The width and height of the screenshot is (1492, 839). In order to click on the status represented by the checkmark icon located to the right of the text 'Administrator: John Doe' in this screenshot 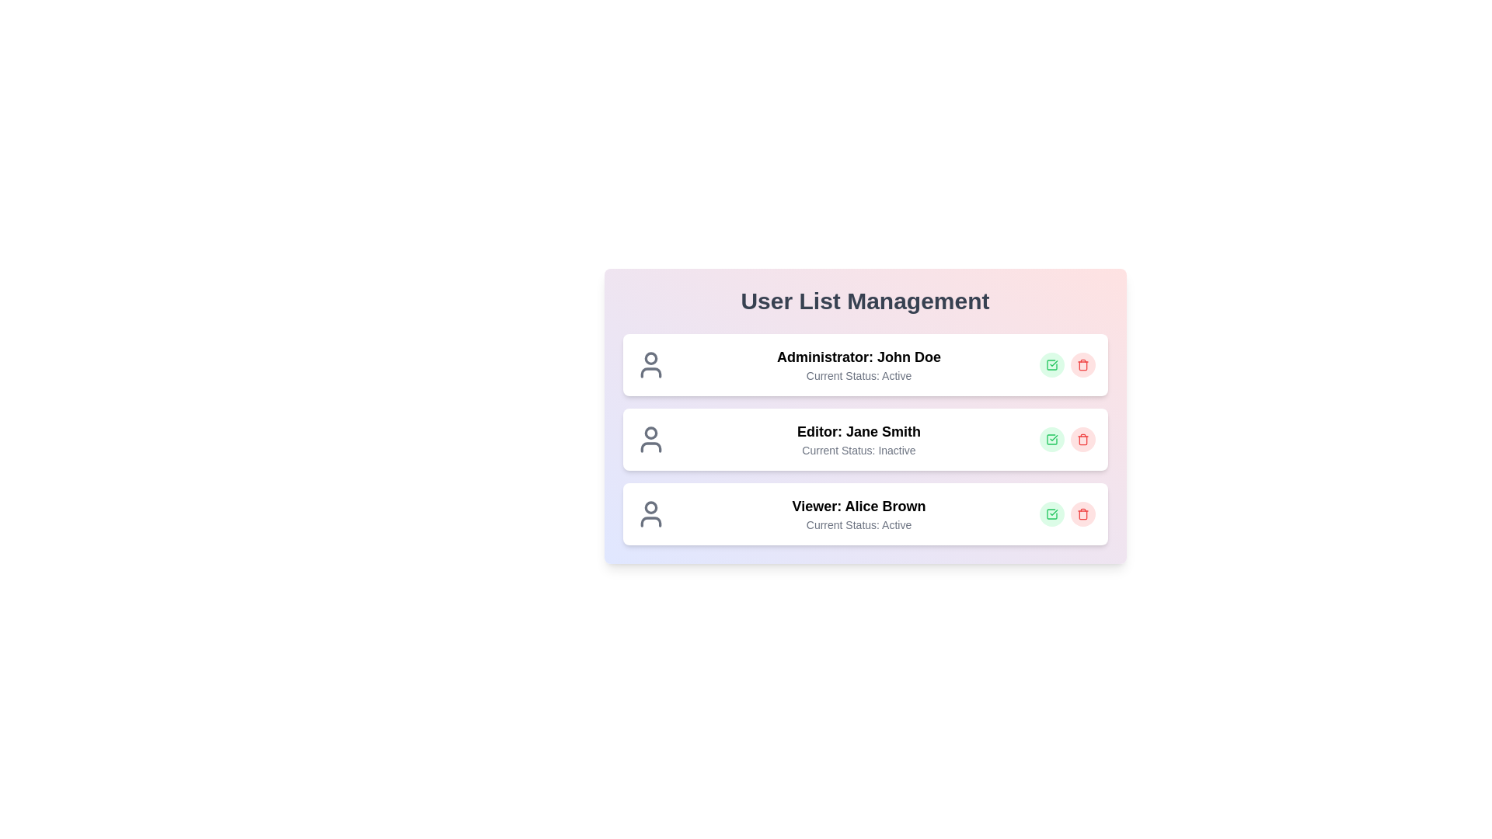, I will do `click(1051, 365)`.